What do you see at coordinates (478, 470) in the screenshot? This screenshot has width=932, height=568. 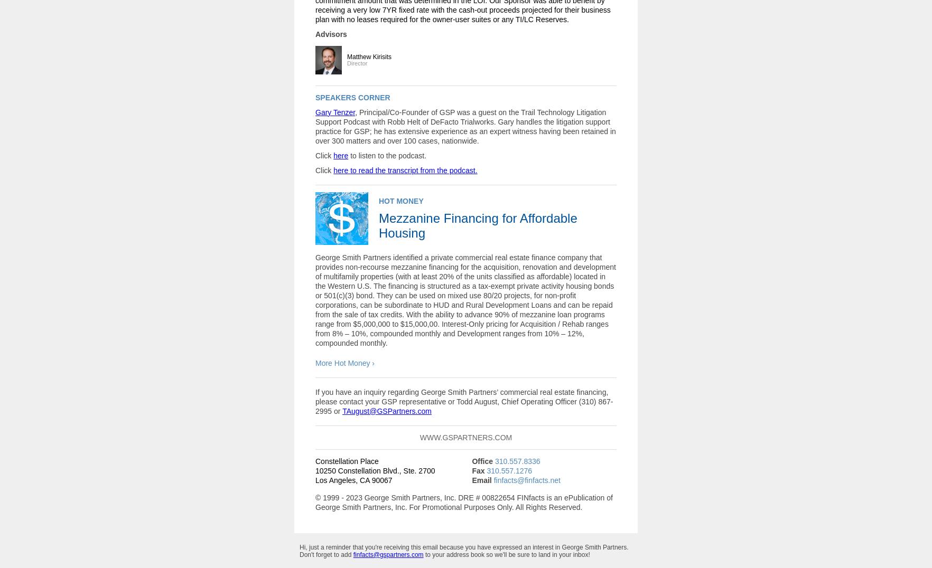 I see `'Fax'` at bounding box center [478, 470].